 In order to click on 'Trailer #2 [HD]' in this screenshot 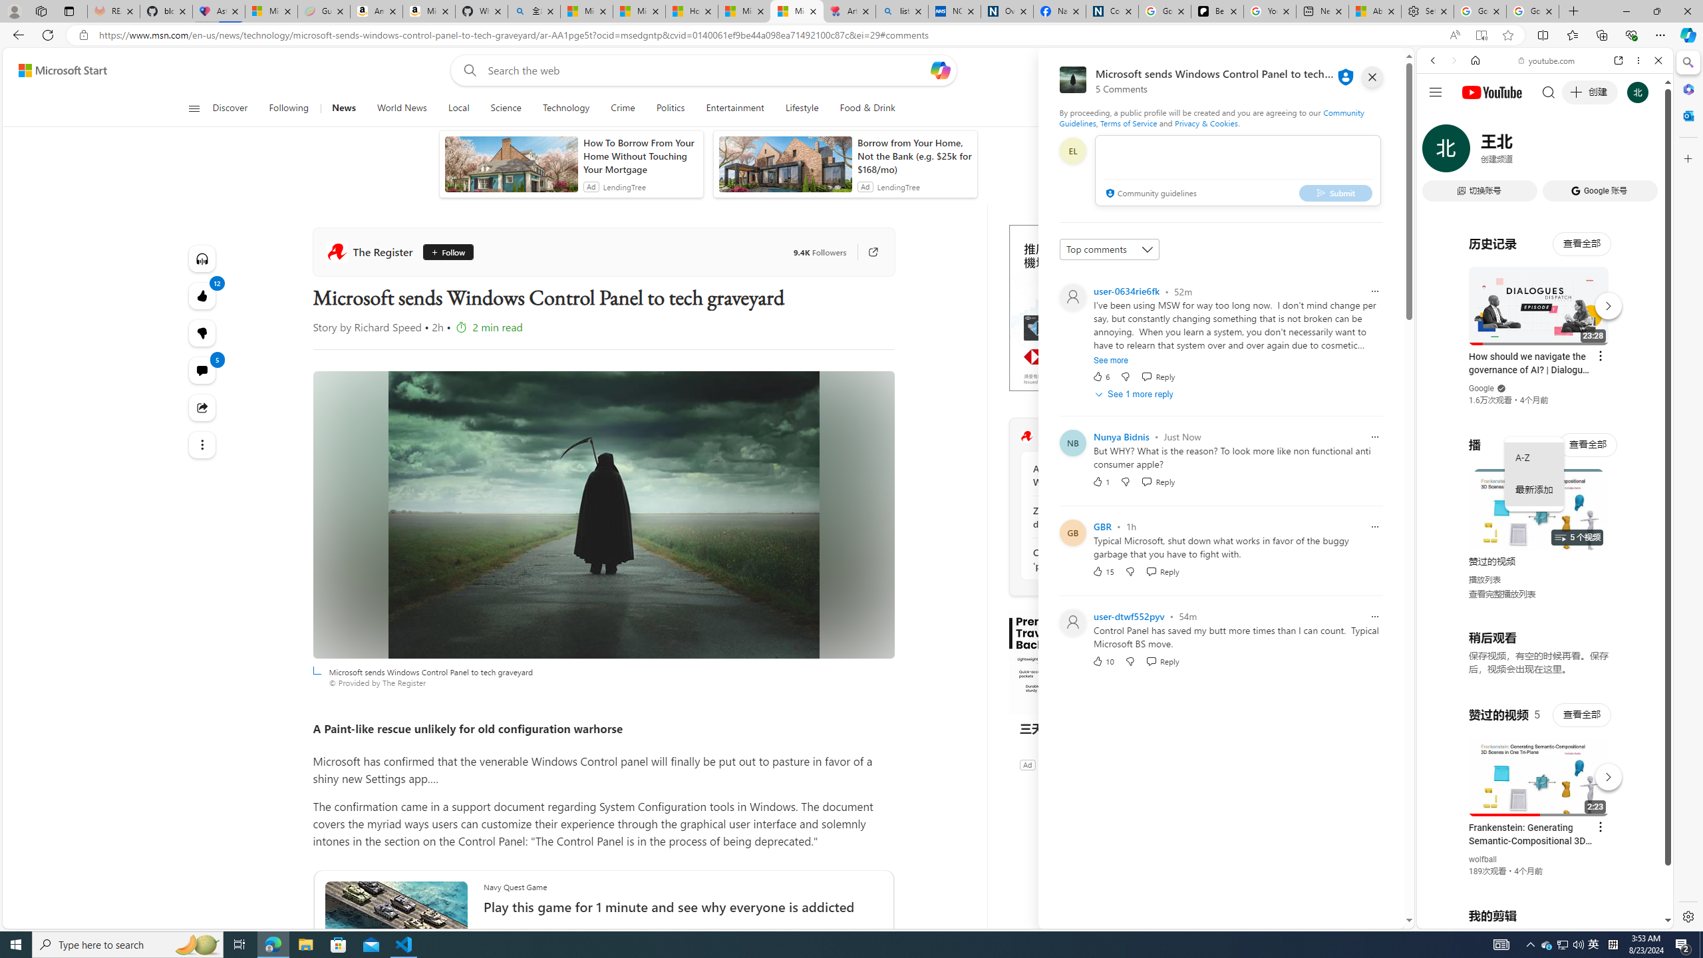, I will do `click(1543, 395)`.